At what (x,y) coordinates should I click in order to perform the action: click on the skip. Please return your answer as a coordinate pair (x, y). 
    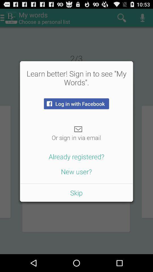
    Looking at the image, I should click on (76, 193).